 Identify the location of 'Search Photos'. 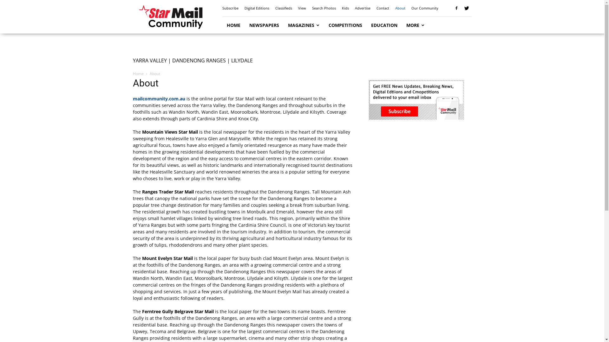
(324, 8).